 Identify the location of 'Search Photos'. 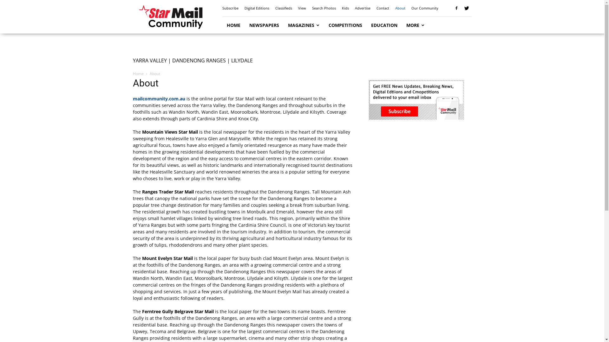
(324, 8).